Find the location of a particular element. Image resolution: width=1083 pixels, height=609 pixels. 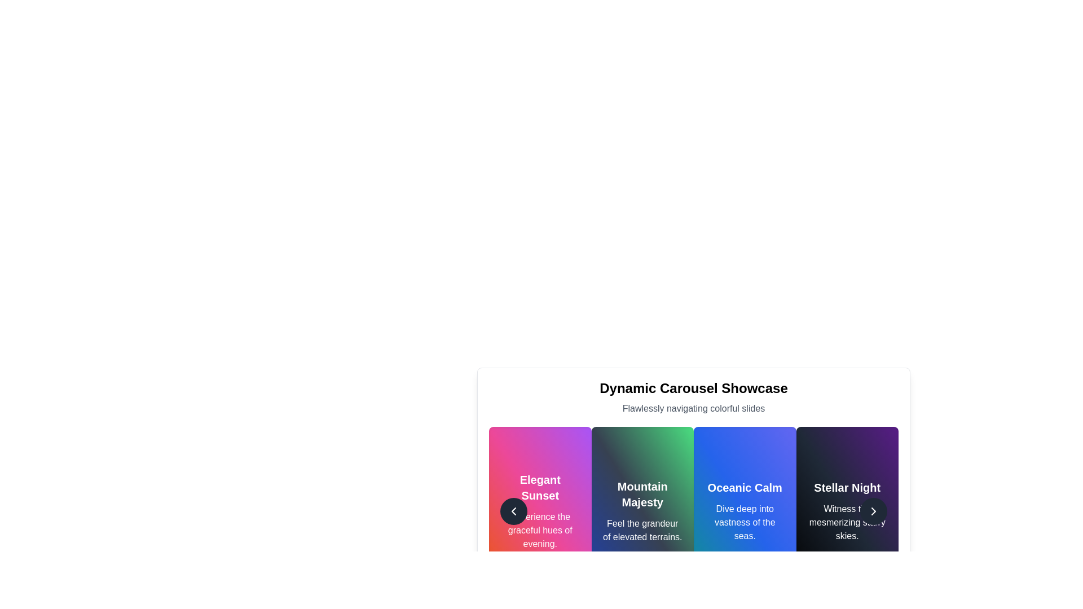

the left-facing chevron icon is located at coordinates (513, 511).